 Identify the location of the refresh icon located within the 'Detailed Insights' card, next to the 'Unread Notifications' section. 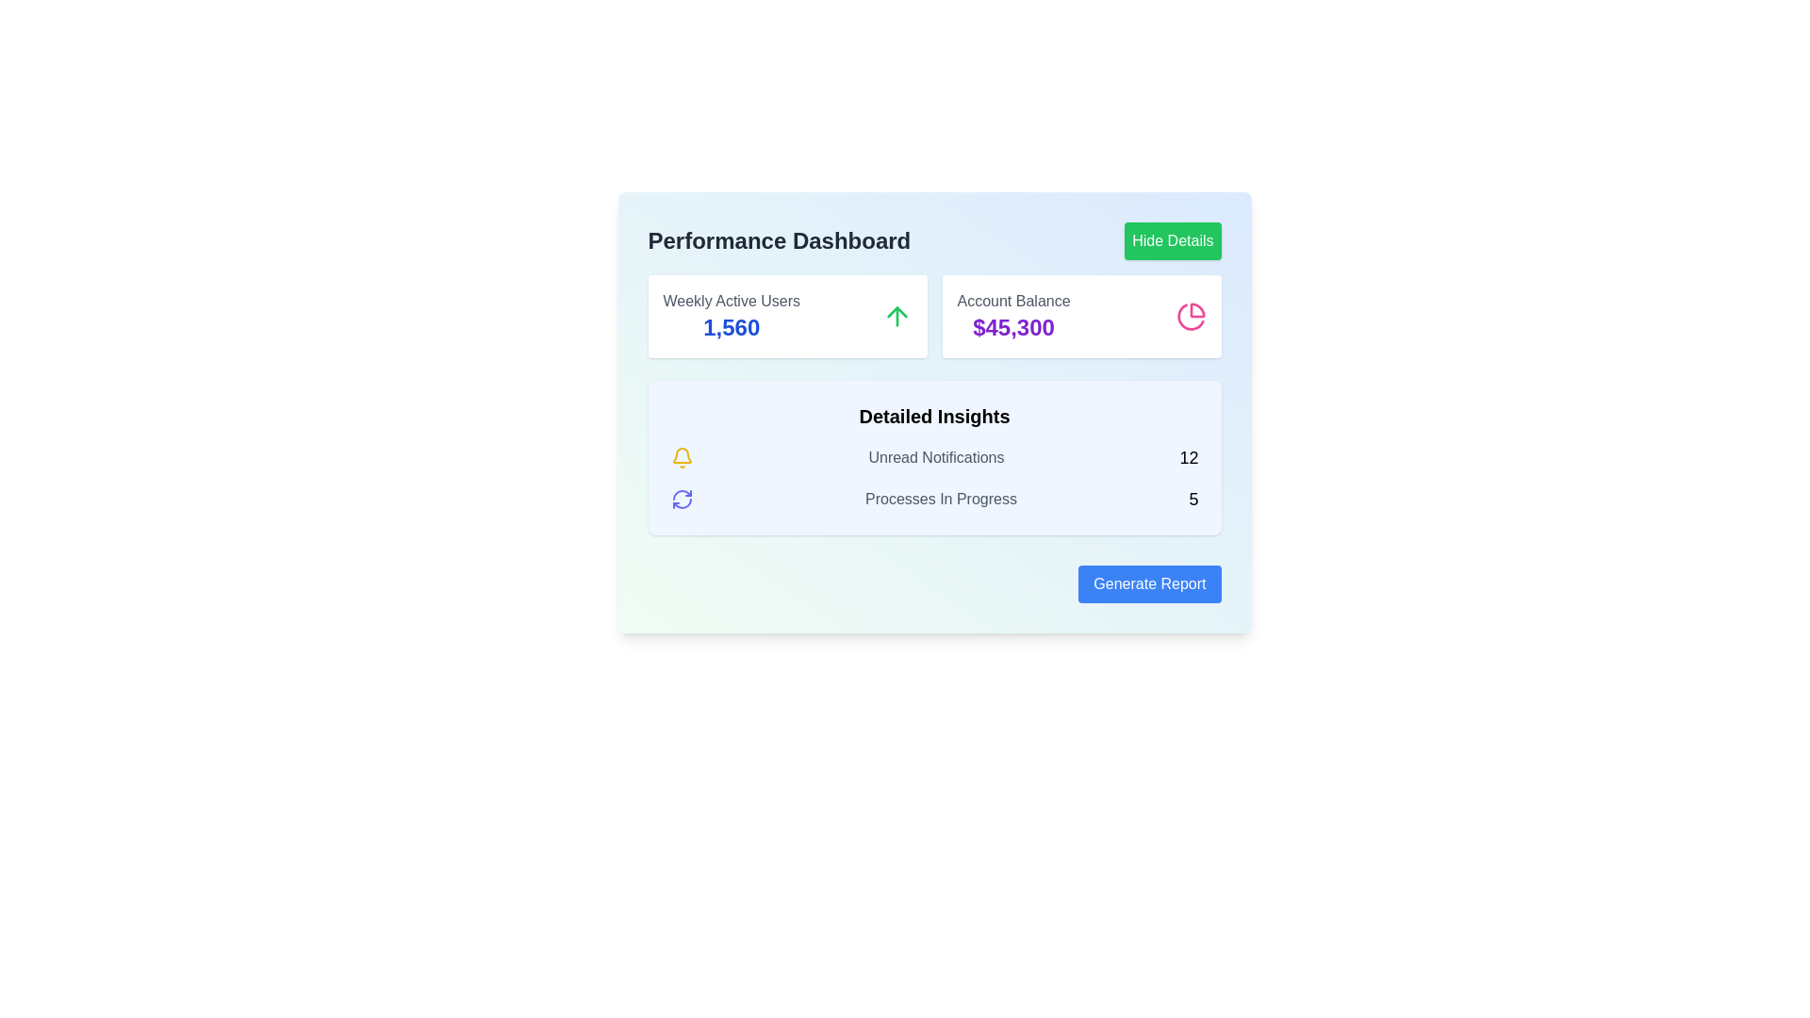
(681, 498).